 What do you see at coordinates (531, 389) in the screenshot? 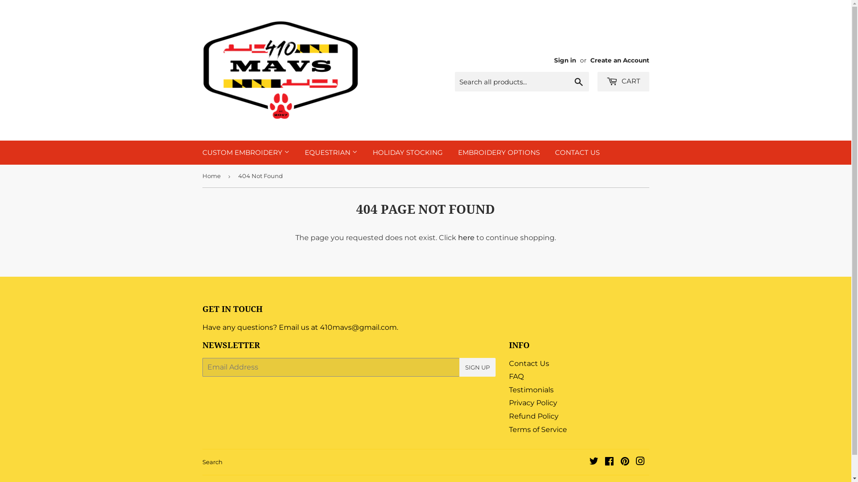
I see `'Testimonials'` at bounding box center [531, 389].